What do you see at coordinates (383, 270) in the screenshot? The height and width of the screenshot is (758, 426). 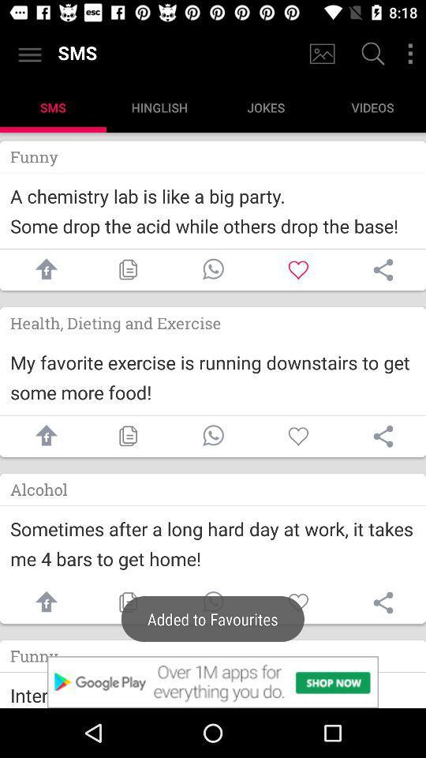 I see `share button` at bounding box center [383, 270].